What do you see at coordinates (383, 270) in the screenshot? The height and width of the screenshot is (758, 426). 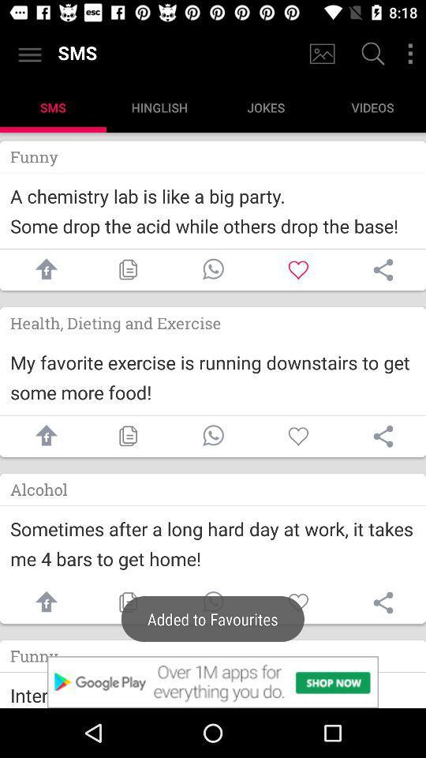 I see `share button` at bounding box center [383, 270].